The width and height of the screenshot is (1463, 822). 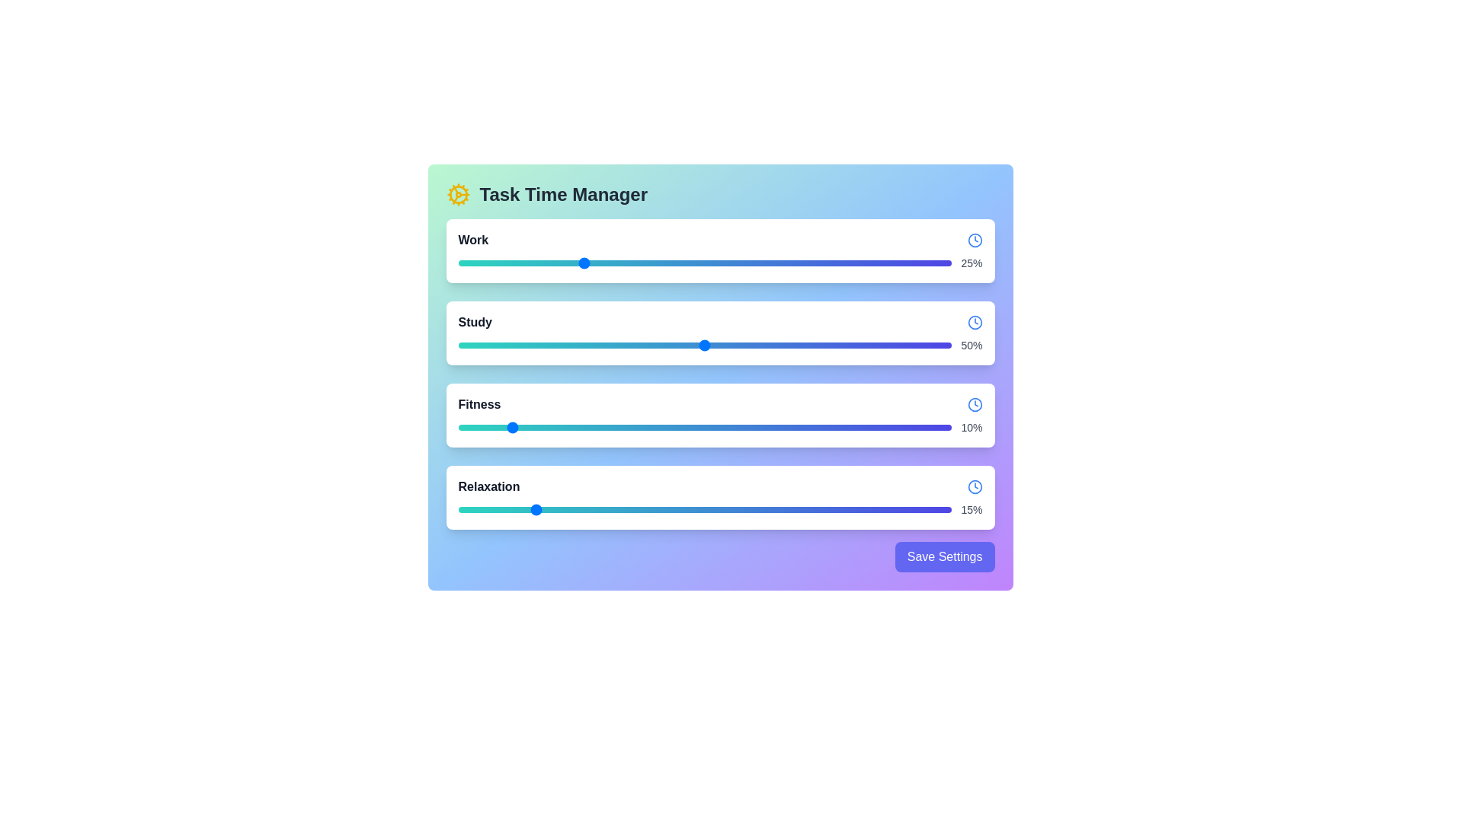 I want to click on the slider for Work to view its tooltip, so click(x=704, y=263).